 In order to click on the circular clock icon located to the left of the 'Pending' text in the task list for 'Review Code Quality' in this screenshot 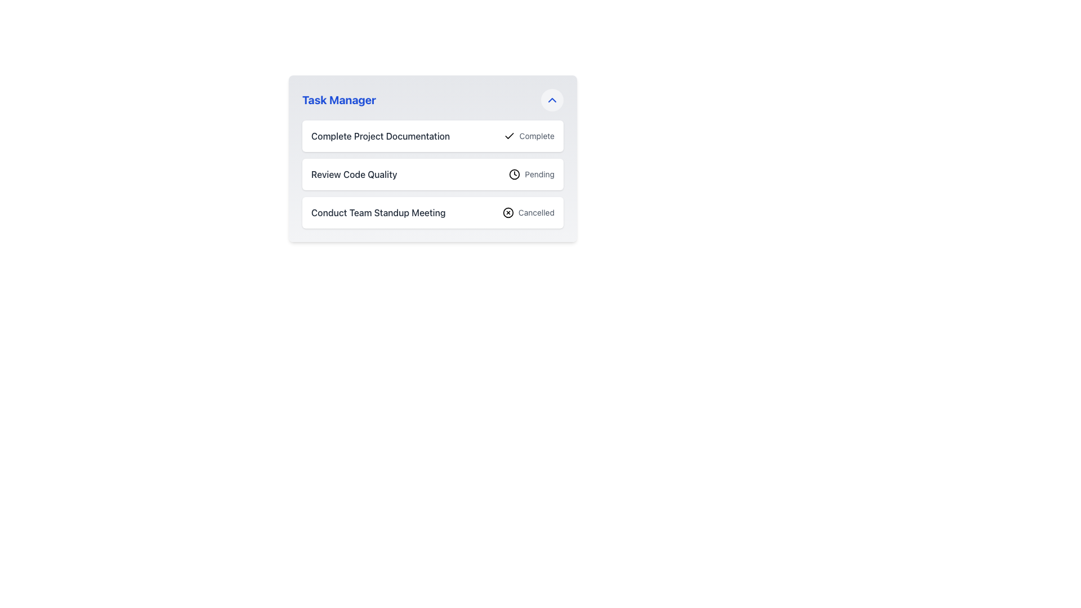, I will do `click(514, 174)`.